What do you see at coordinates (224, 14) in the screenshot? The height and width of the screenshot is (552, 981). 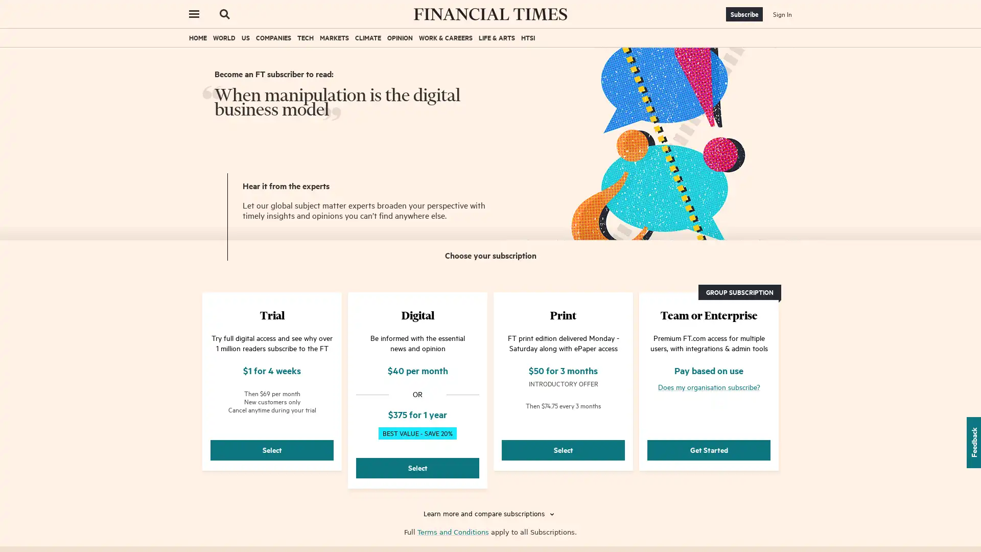 I see `OPEN SEARCH BAR` at bounding box center [224, 14].